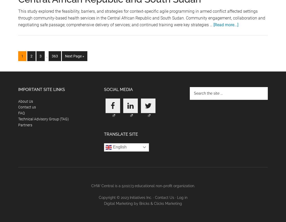 The image size is (286, 222). I want to click on 'Translate Site', so click(121, 134).